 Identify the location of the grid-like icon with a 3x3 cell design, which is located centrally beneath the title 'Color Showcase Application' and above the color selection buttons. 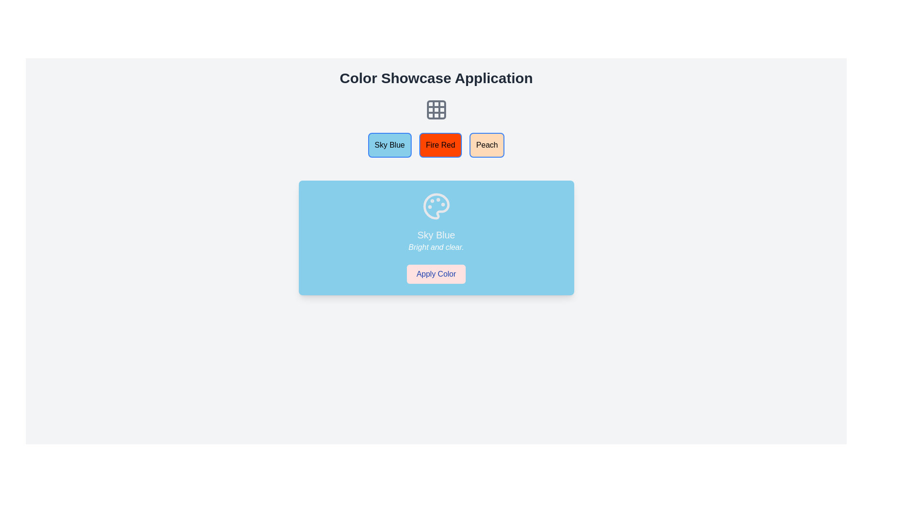
(436, 109).